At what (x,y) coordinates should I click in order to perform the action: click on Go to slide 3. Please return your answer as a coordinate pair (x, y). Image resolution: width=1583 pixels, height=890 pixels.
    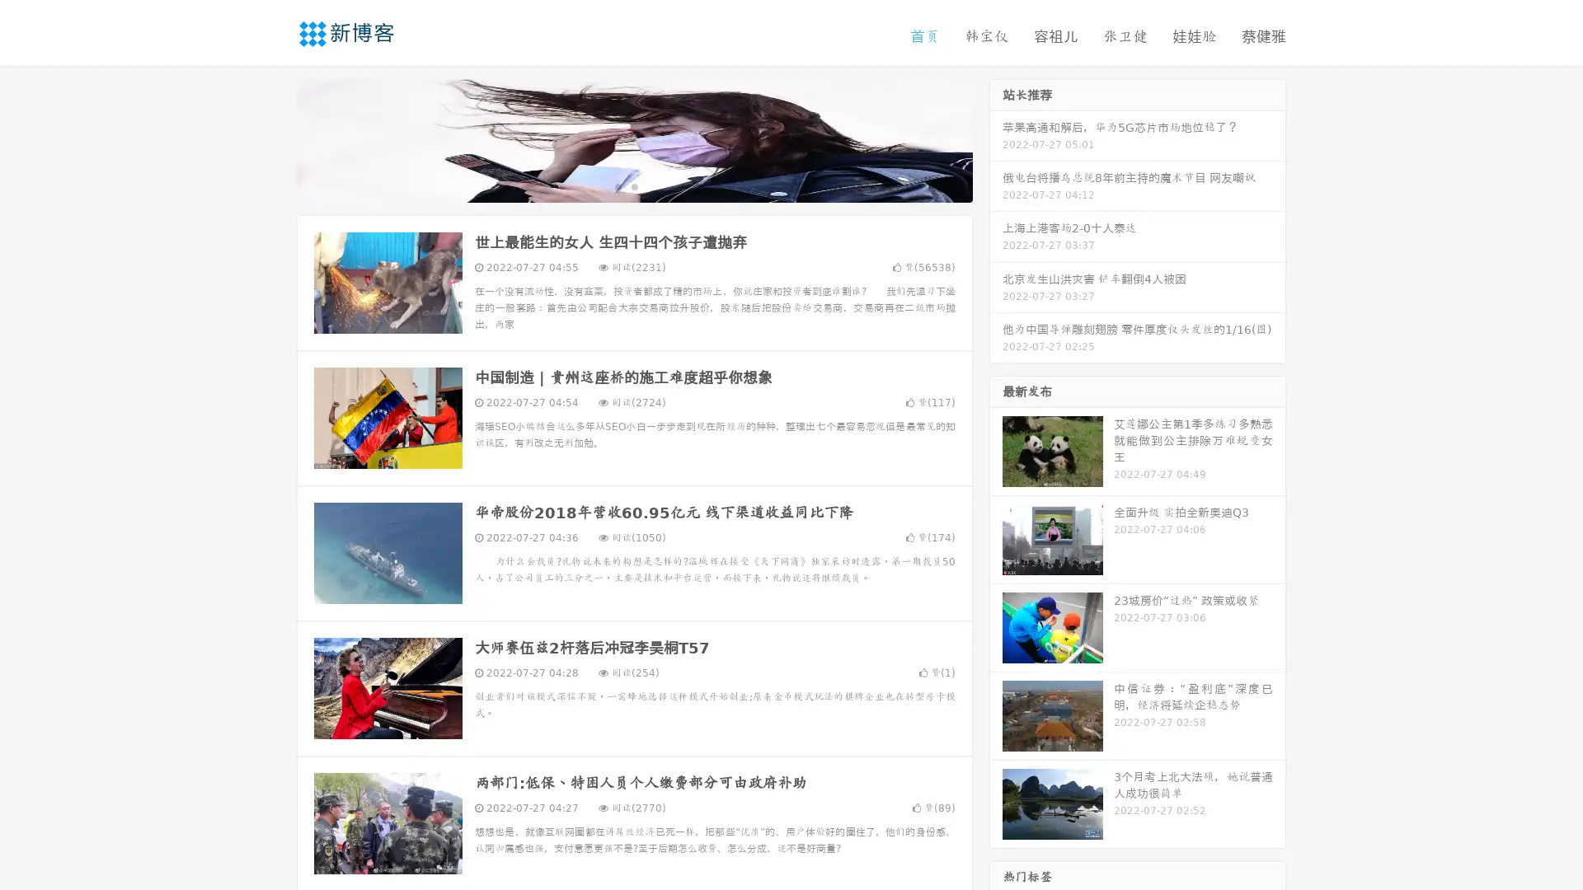
    Looking at the image, I should click on (651, 185).